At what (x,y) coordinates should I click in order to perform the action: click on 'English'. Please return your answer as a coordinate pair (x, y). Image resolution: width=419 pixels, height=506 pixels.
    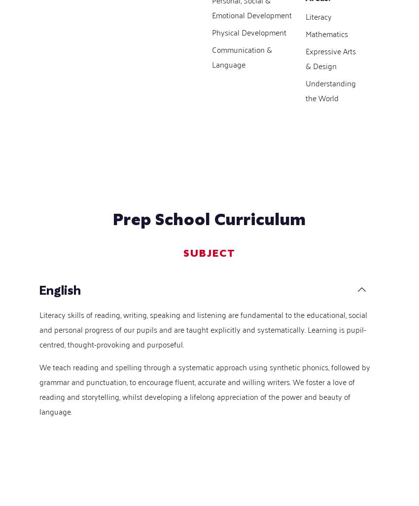
    Looking at the image, I should click on (59, 290).